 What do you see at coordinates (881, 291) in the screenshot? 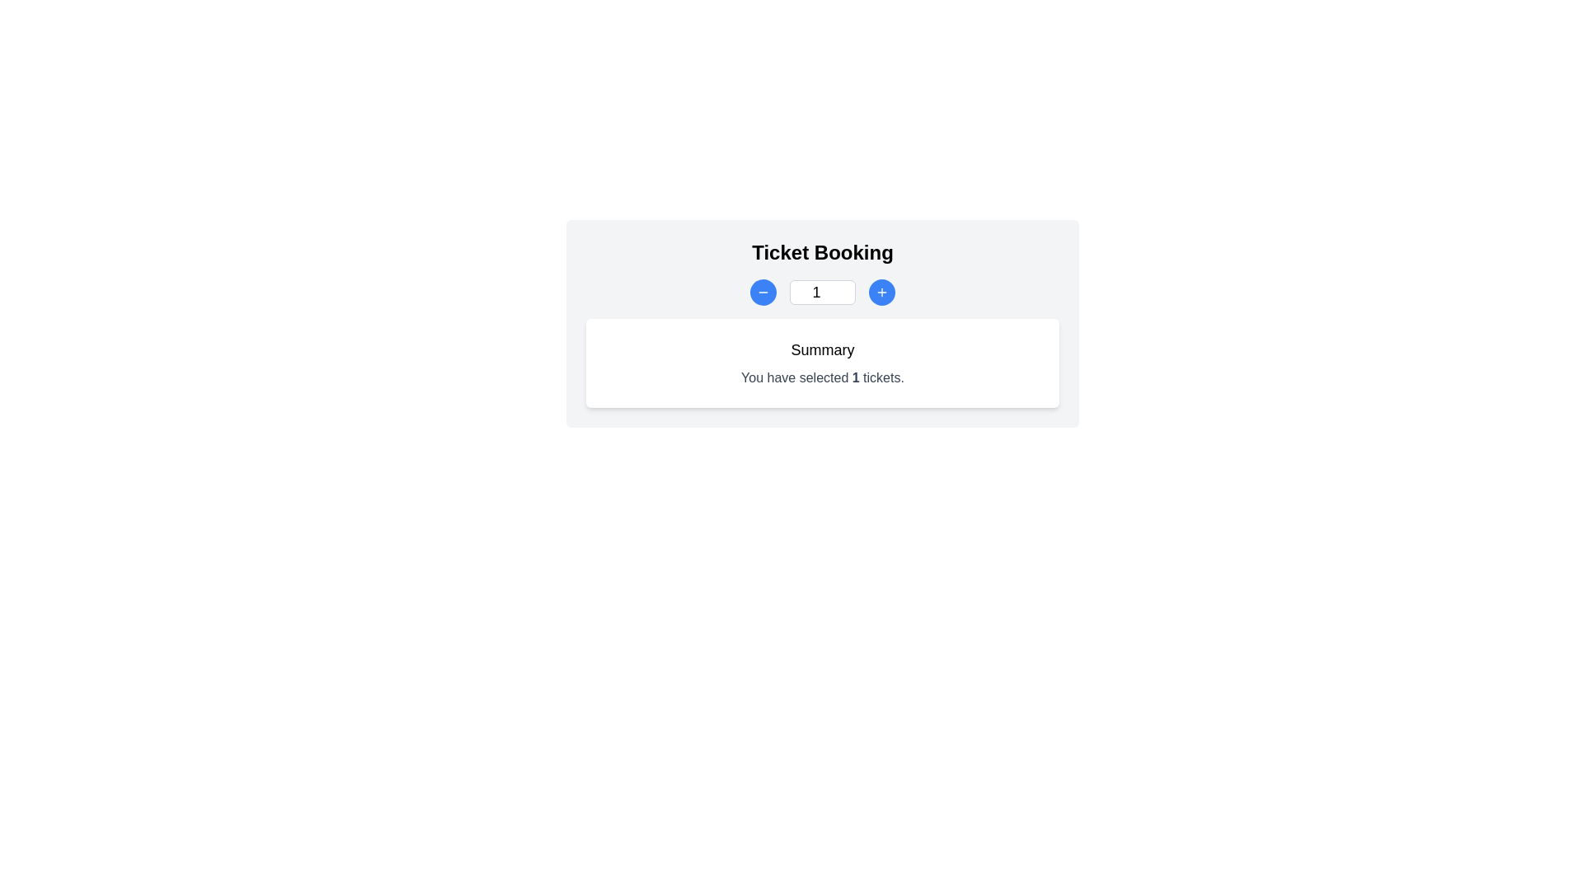
I see `the circular blue button with a white '+' icon` at bounding box center [881, 291].